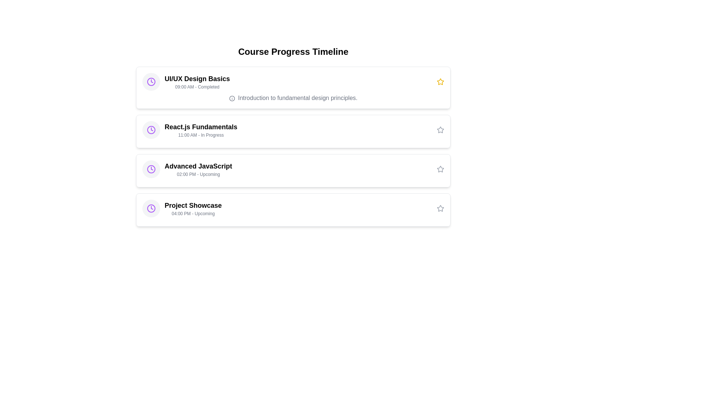 The height and width of the screenshot is (400, 712). What do you see at coordinates (293, 98) in the screenshot?
I see `the text label that provides a brief description related to UI/UX Design Basics, located below the heading and timestamp in the topmost card of a vertical list` at bounding box center [293, 98].